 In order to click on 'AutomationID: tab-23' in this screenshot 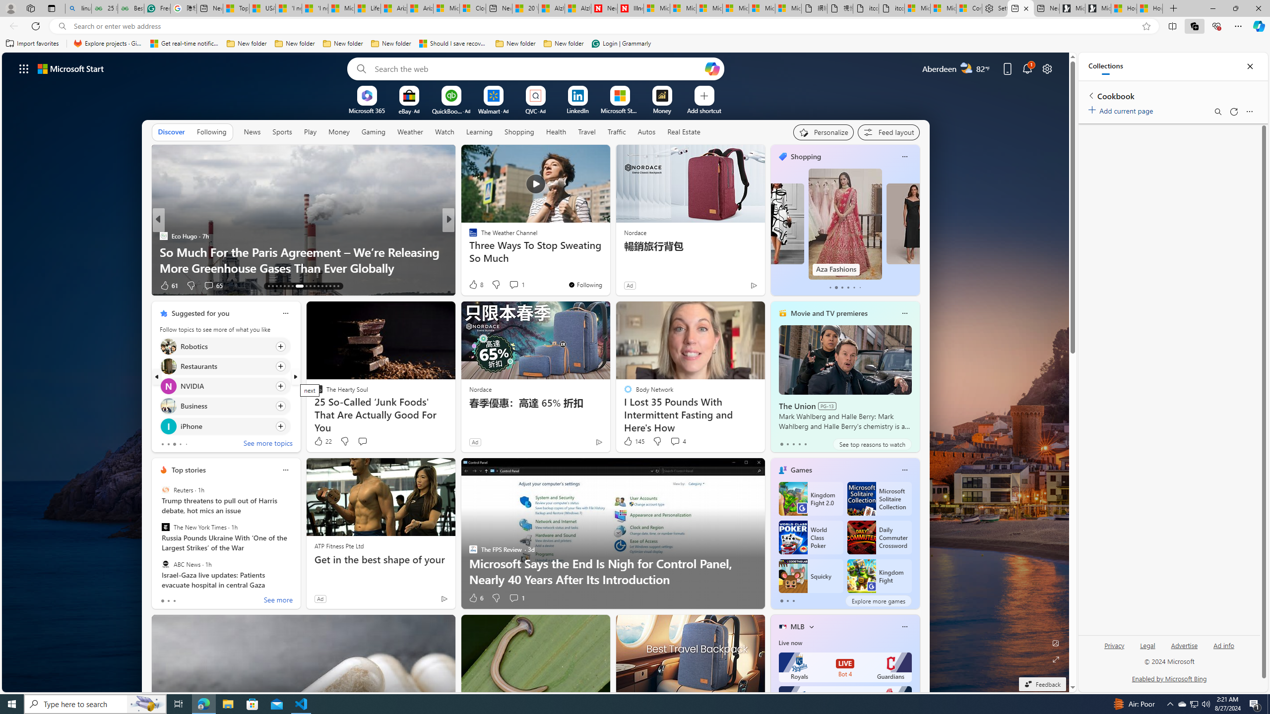, I will do `click(314, 286)`.